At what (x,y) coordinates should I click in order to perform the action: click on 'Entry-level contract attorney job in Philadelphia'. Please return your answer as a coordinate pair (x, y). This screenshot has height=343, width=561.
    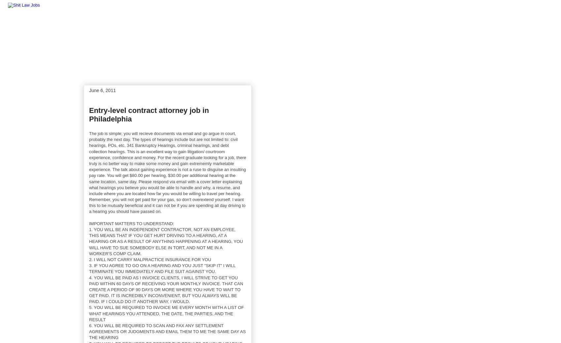
    Looking at the image, I should click on (149, 114).